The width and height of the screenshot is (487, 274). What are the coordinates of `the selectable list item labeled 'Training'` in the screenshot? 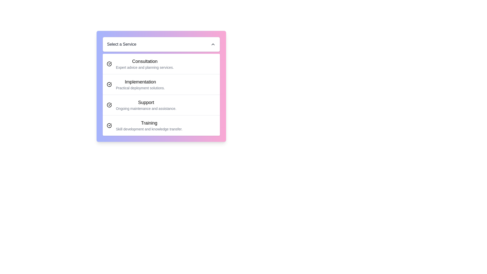 It's located at (161, 125).